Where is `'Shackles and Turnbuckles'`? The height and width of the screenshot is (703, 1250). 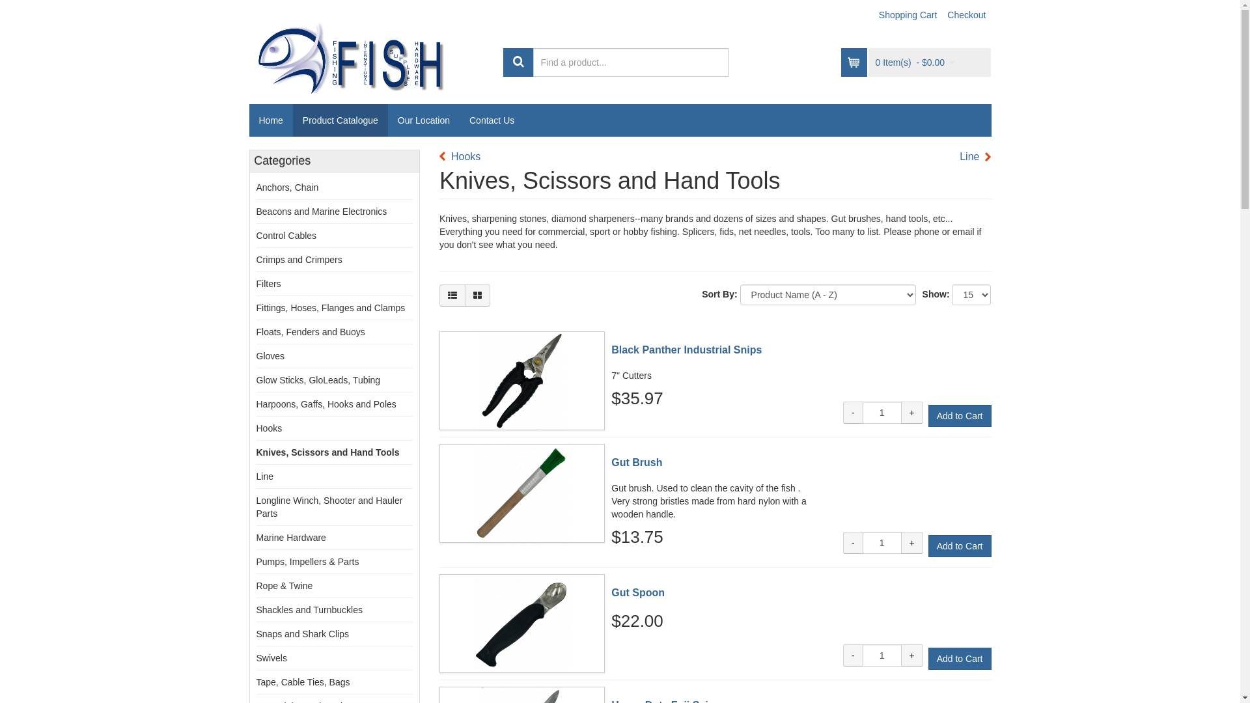 'Shackles and Turnbuckles' is located at coordinates (309, 610).